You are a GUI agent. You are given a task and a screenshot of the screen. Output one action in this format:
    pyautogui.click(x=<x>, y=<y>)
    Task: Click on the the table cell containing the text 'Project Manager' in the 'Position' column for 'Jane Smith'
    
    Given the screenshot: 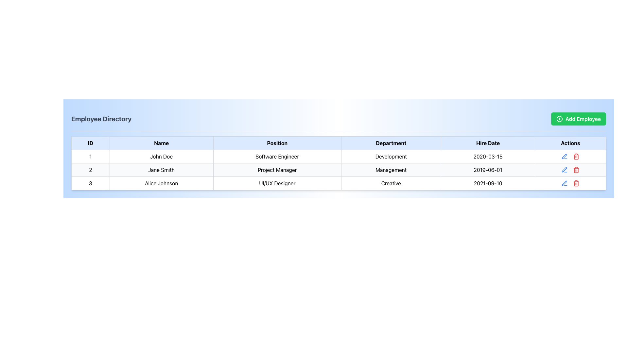 What is the action you would take?
    pyautogui.click(x=277, y=170)
    